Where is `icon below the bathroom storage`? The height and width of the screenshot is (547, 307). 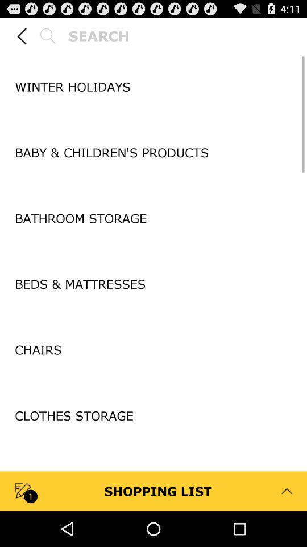 icon below the bathroom storage is located at coordinates (153, 251).